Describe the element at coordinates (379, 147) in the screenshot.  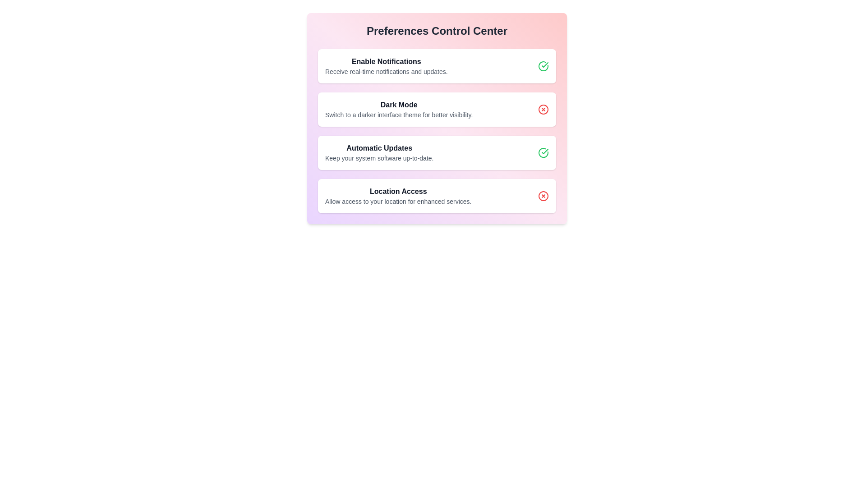
I see `the Text label that serves as the title or heading for a specific feature in the settings menu, located above the descriptive text 'Keep your system software up-to-date.'` at that location.